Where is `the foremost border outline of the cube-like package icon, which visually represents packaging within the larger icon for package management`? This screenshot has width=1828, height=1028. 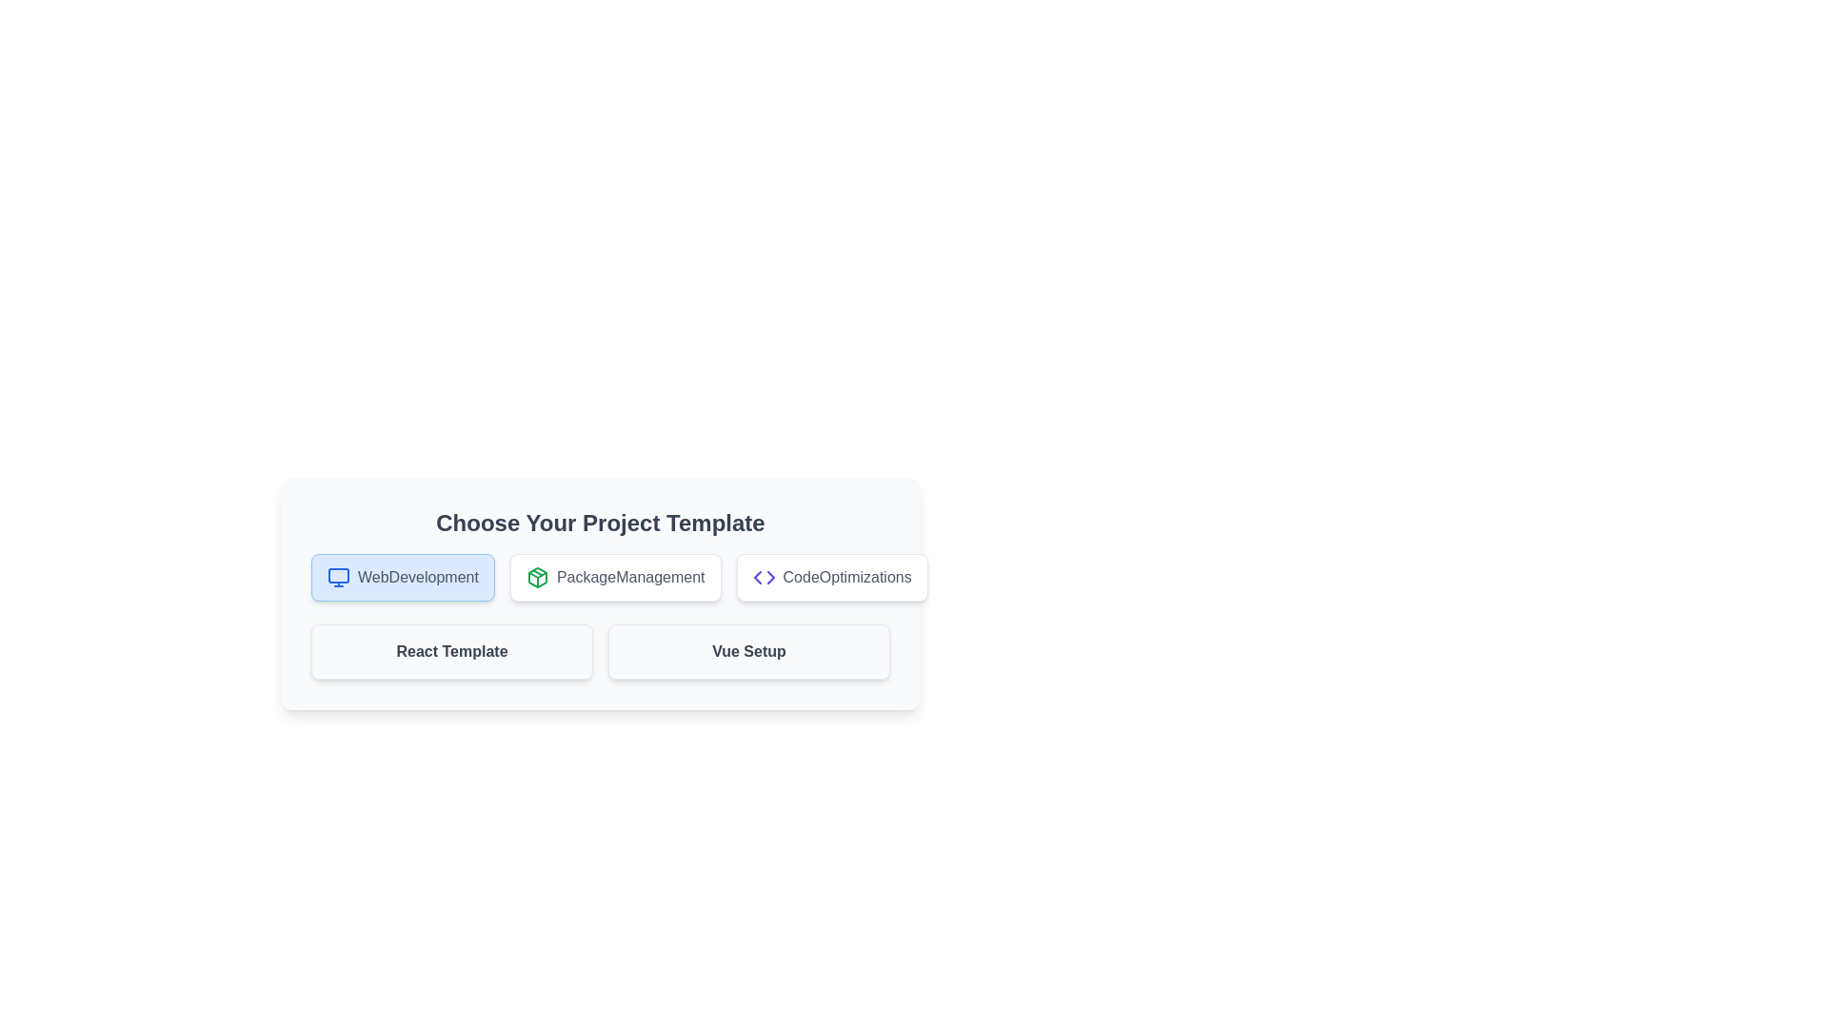
the foremost border outline of the cube-like package icon, which visually represents packaging within the larger icon for package management is located at coordinates (536, 576).